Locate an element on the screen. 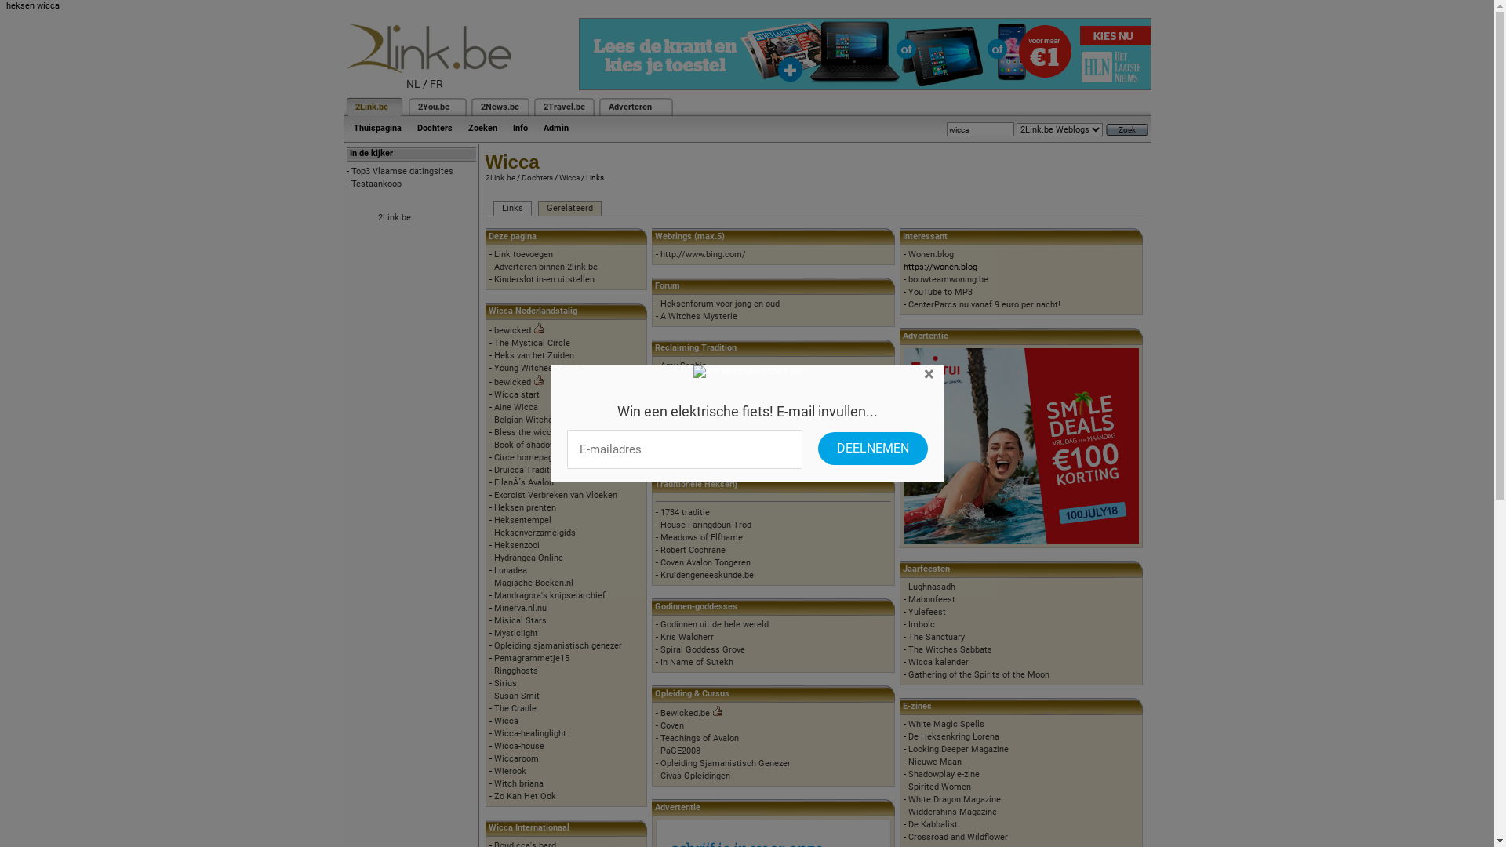 The width and height of the screenshot is (1506, 847). 'Opleiding Sjamanistisch Genezer' is located at coordinates (725, 762).